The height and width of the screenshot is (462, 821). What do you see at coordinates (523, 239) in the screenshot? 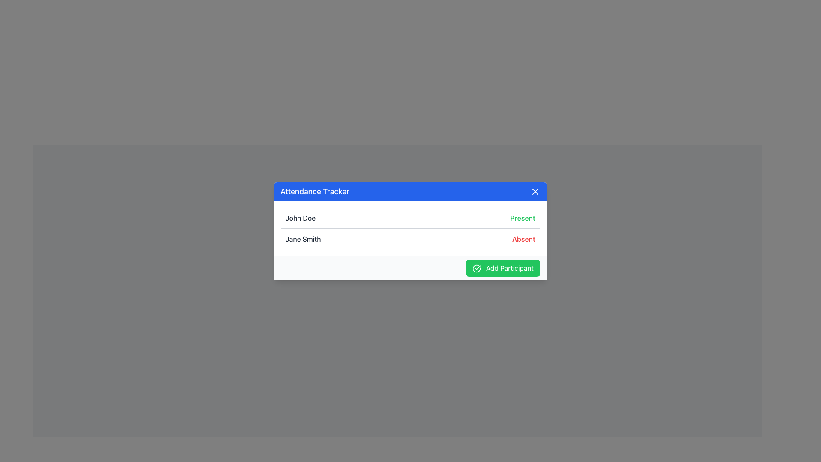
I see `the bold red text label 'Absent' located in the second row of the table, to the right of 'Jane Smith'` at bounding box center [523, 239].